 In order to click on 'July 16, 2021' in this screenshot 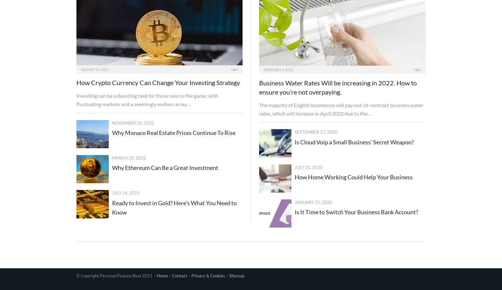, I will do `click(126, 193)`.